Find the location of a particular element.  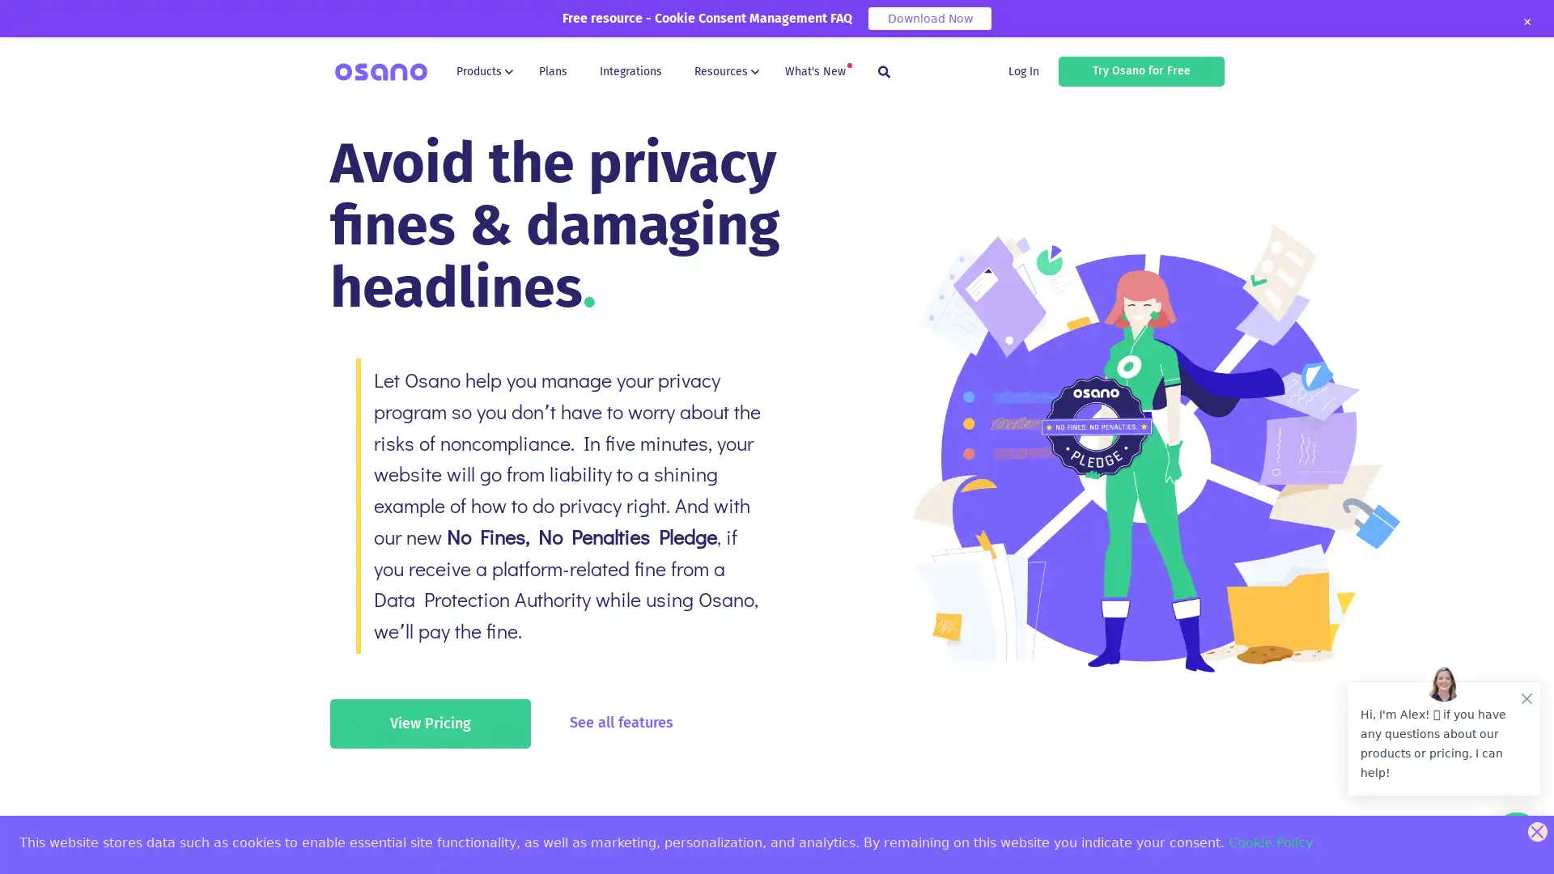

Close is located at coordinates (1526, 22).